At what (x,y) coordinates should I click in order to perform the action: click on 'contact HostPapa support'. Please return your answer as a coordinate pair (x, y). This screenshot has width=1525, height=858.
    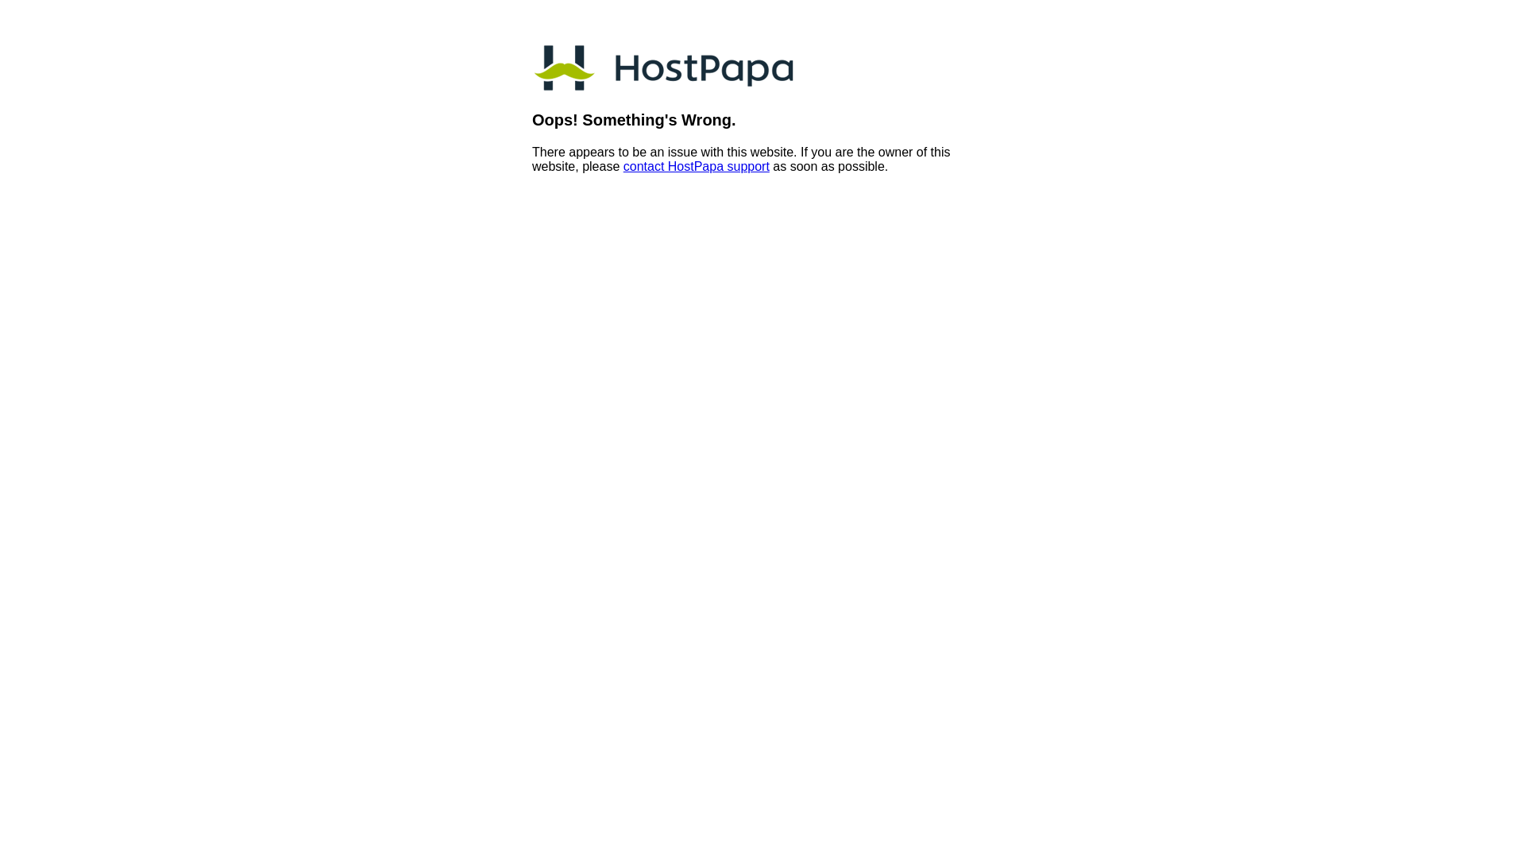
    Looking at the image, I should click on (623, 166).